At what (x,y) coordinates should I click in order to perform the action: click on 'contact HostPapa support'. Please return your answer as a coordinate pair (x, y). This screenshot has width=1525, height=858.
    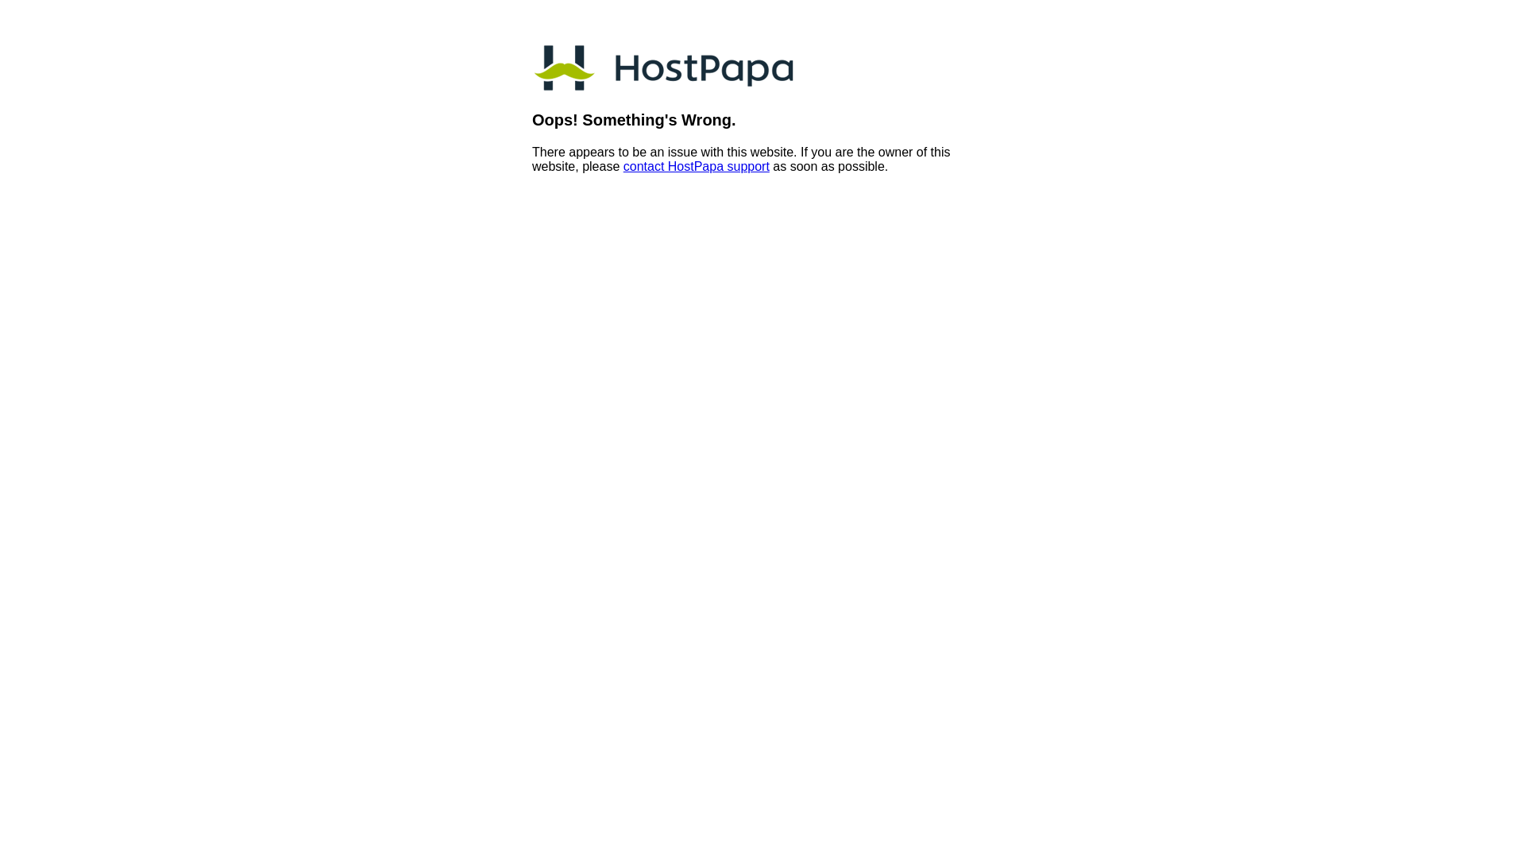
    Looking at the image, I should click on (623, 166).